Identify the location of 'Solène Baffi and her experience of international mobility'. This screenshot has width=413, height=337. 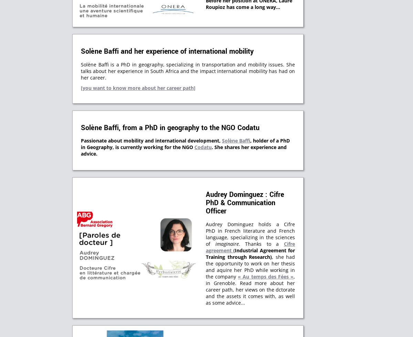
(167, 51).